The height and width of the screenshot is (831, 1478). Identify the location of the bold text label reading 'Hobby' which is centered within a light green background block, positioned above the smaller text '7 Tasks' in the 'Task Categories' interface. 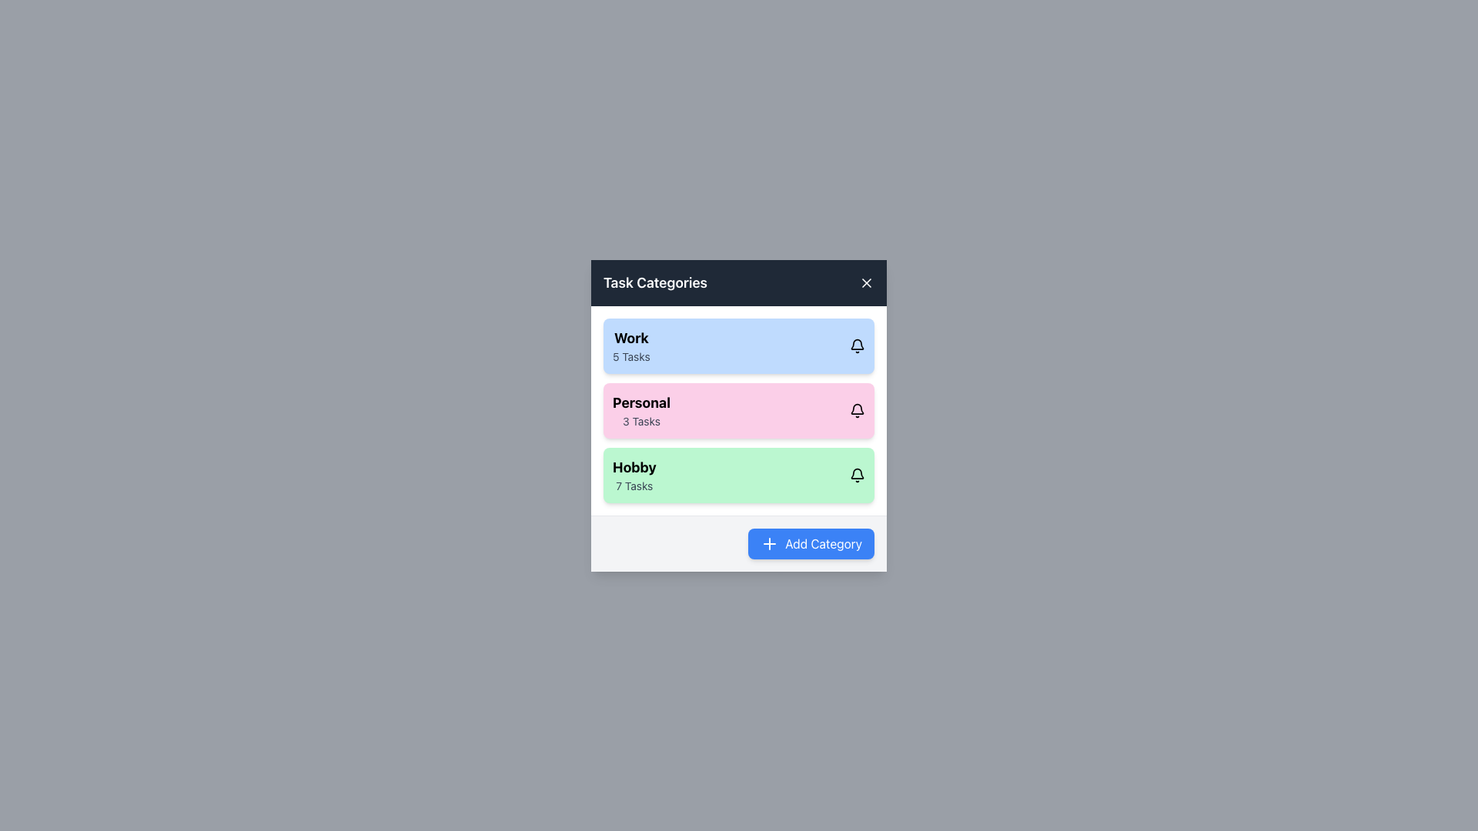
(634, 466).